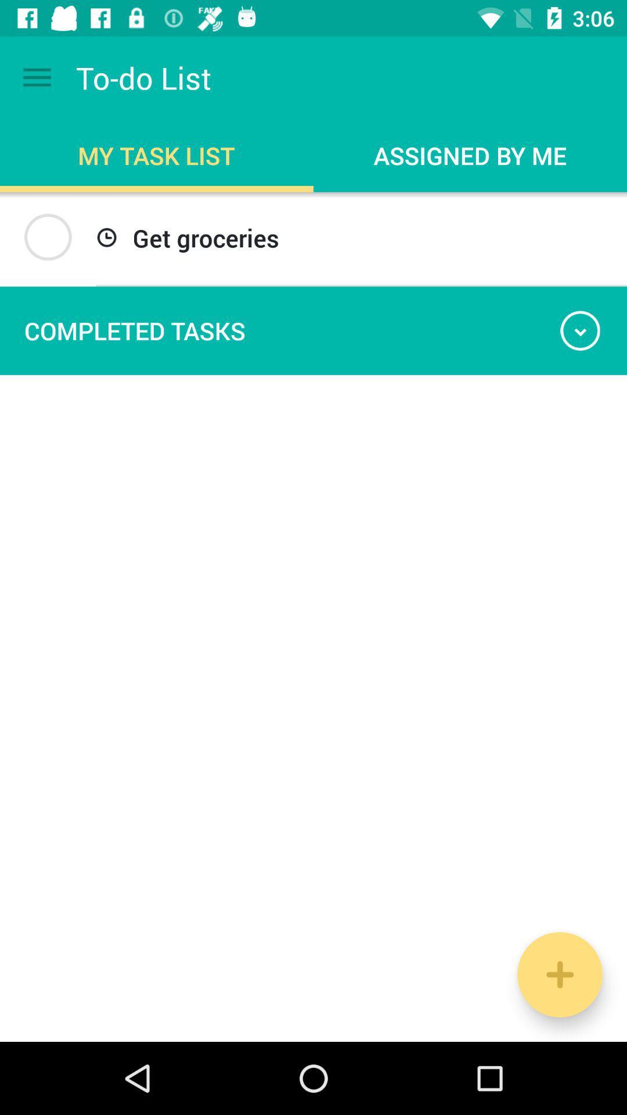  What do you see at coordinates (559, 974) in the screenshot?
I see `the add icon` at bounding box center [559, 974].